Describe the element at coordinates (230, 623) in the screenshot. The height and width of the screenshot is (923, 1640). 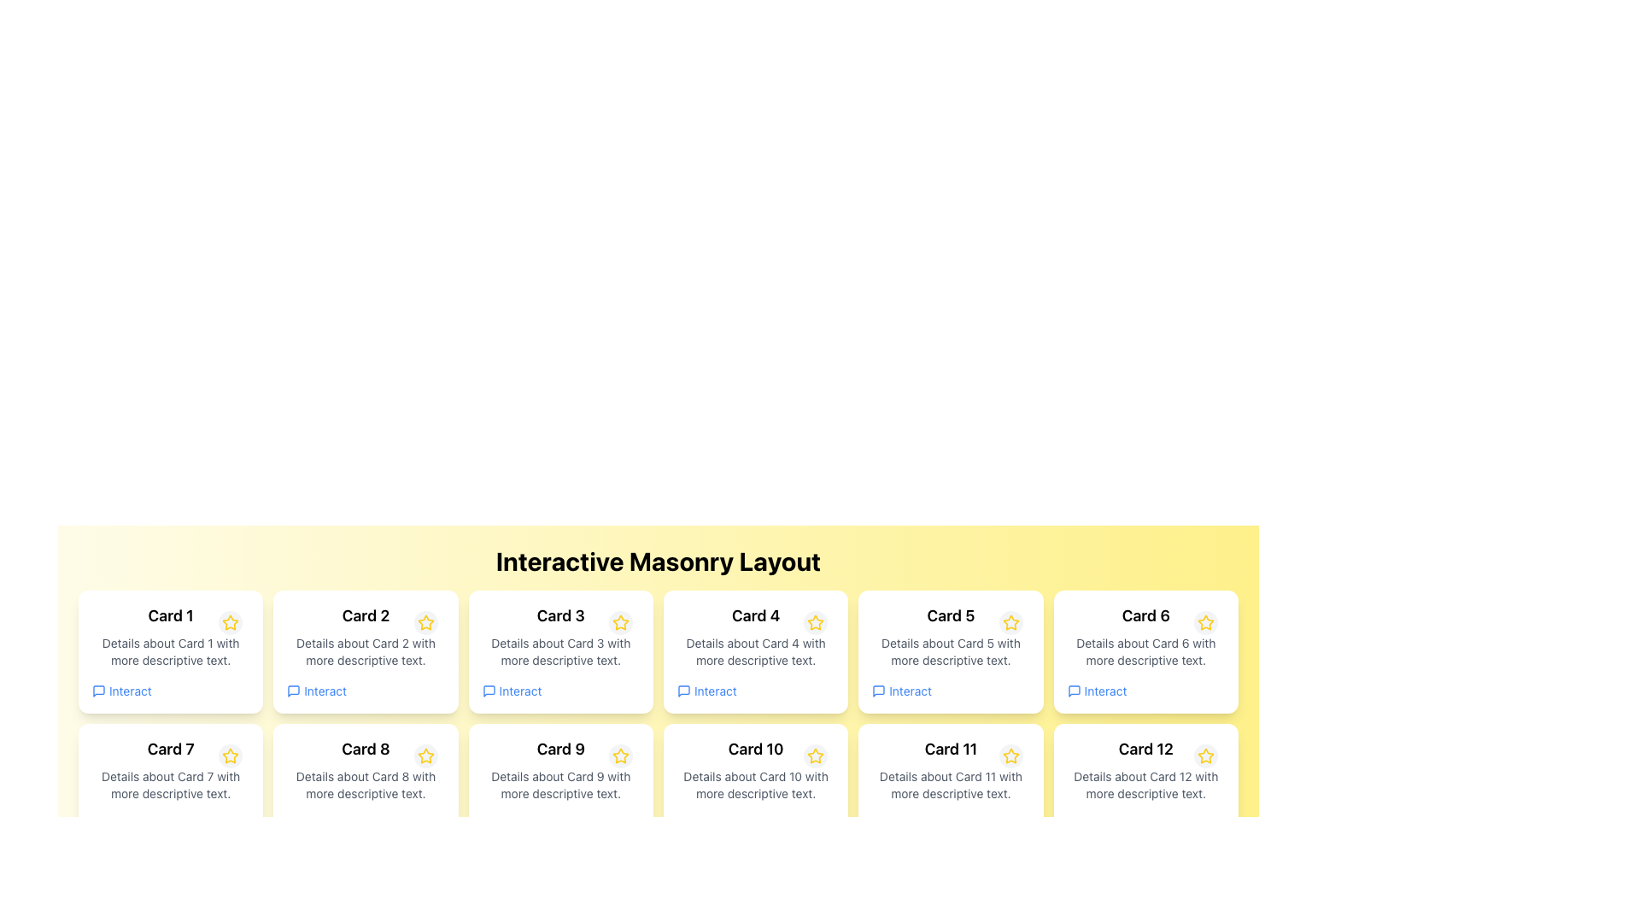
I see `the decorative star icon located at the top-right position of 'Card 1' in the first row of the grid layout to mark the associated item as a favorite` at that location.